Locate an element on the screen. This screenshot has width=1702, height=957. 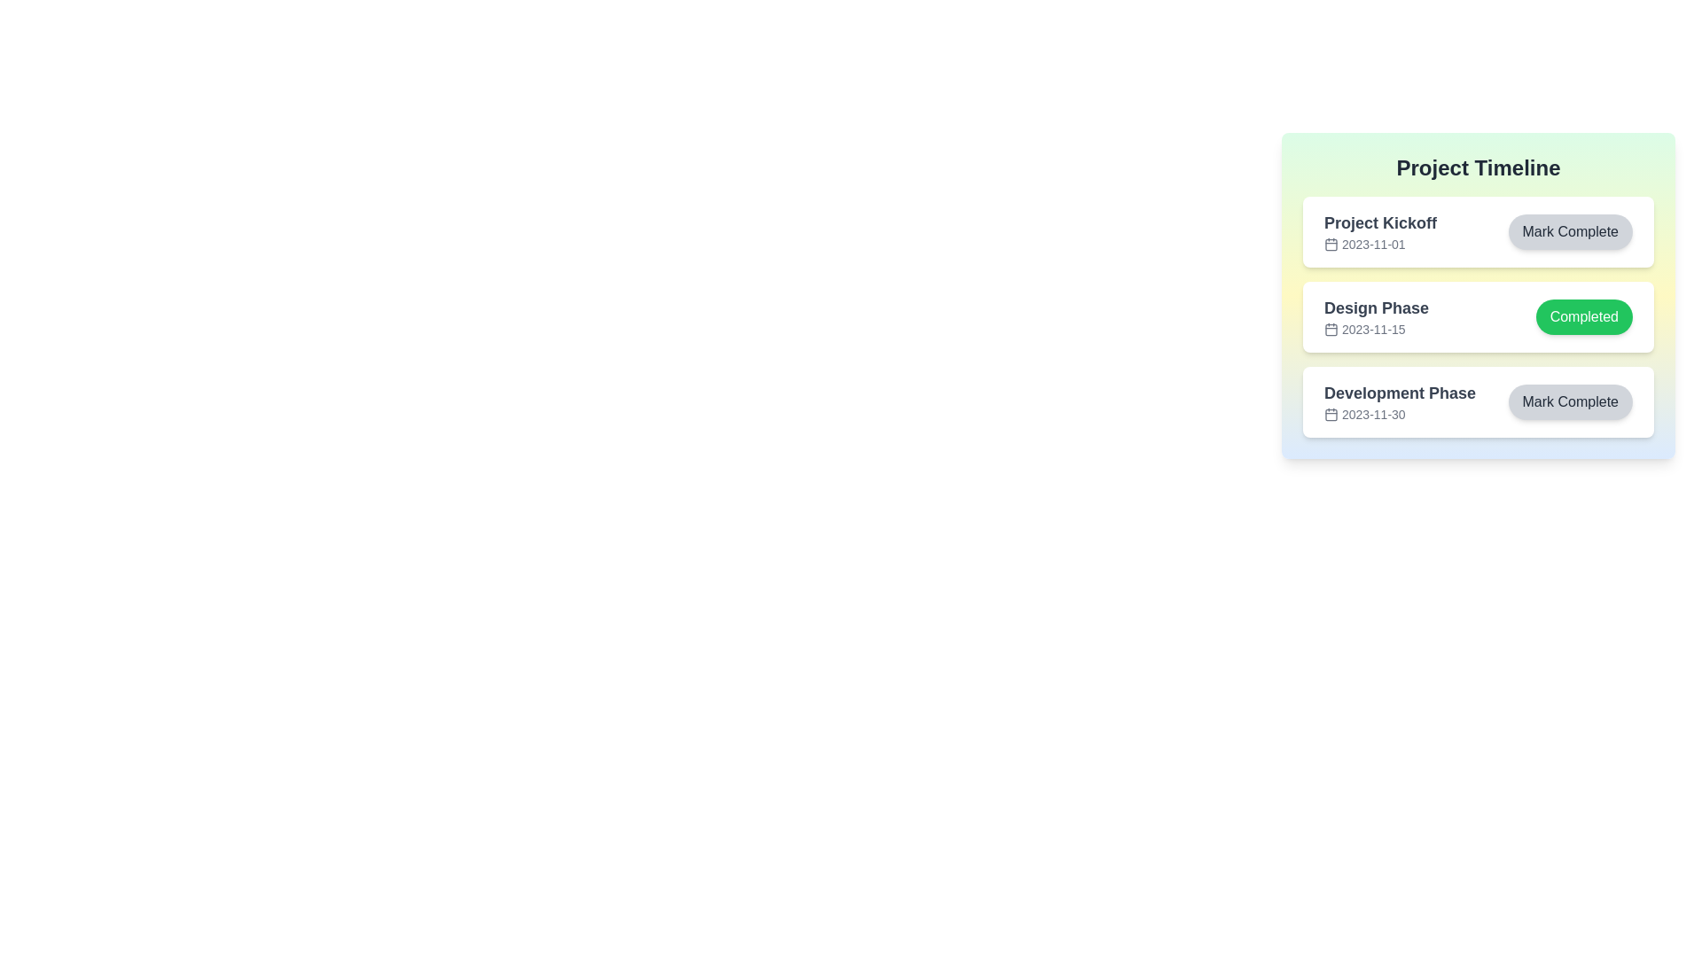
the button corresponding to the timeline item labeled 'Project Kickoff' is located at coordinates (1570, 231).